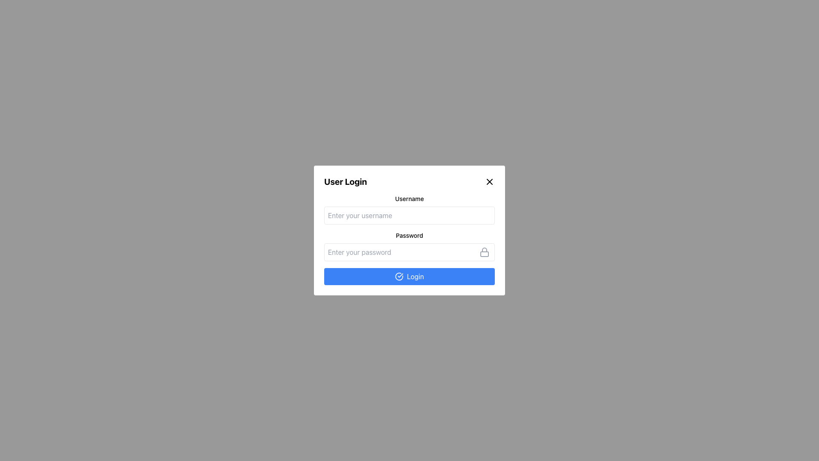  What do you see at coordinates (485, 251) in the screenshot?
I see `the security icon located on the right side of the password input field, which visually signifies that the password field is secure` at bounding box center [485, 251].